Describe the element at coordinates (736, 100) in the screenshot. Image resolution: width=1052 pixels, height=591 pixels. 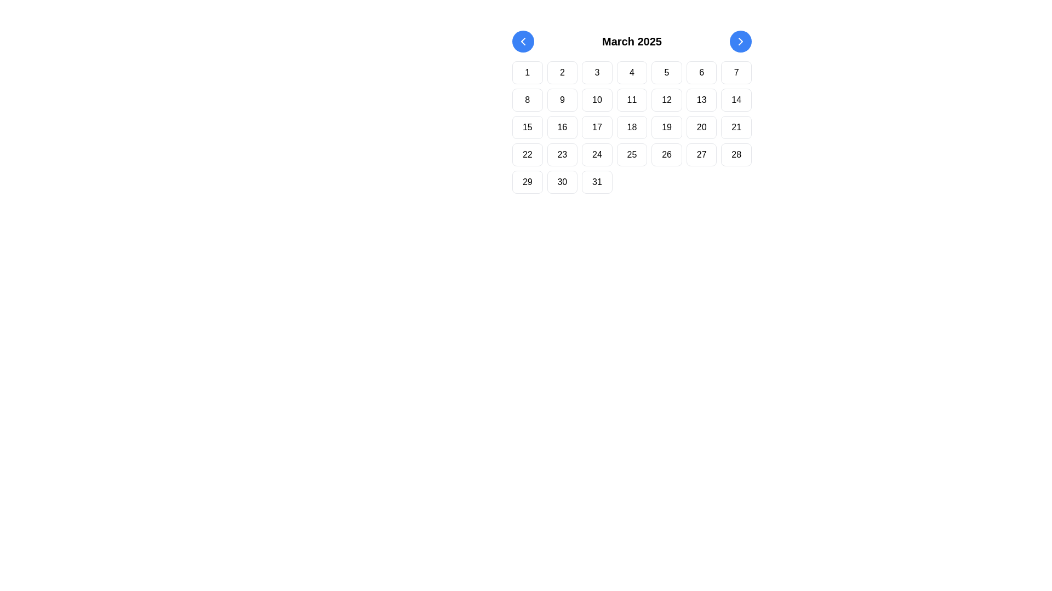
I see `the Text Display representing the 14th day of March 2025 in the calendar interface` at that location.